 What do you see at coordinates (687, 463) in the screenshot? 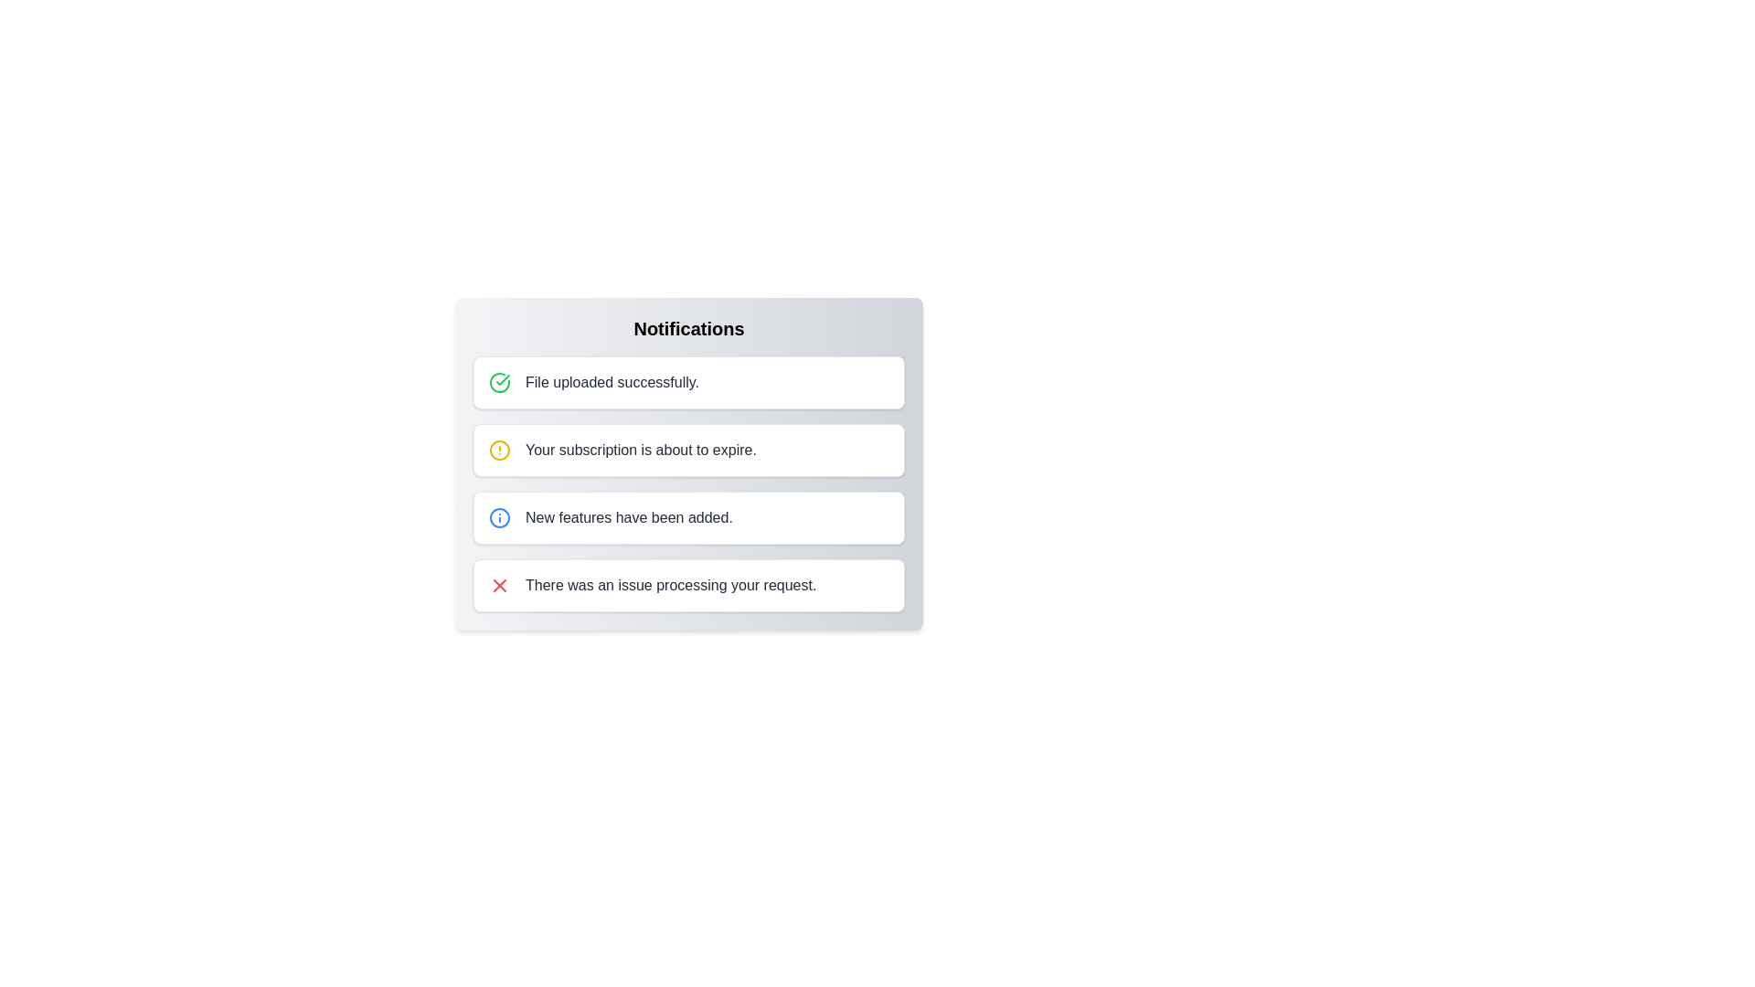
I see `the Informational Text Block with Icon that notifies the user about the subscription nearing expiry, positioned below 'File uploaded successfully.' and above 'New features have been added.'` at bounding box center [687, 463].